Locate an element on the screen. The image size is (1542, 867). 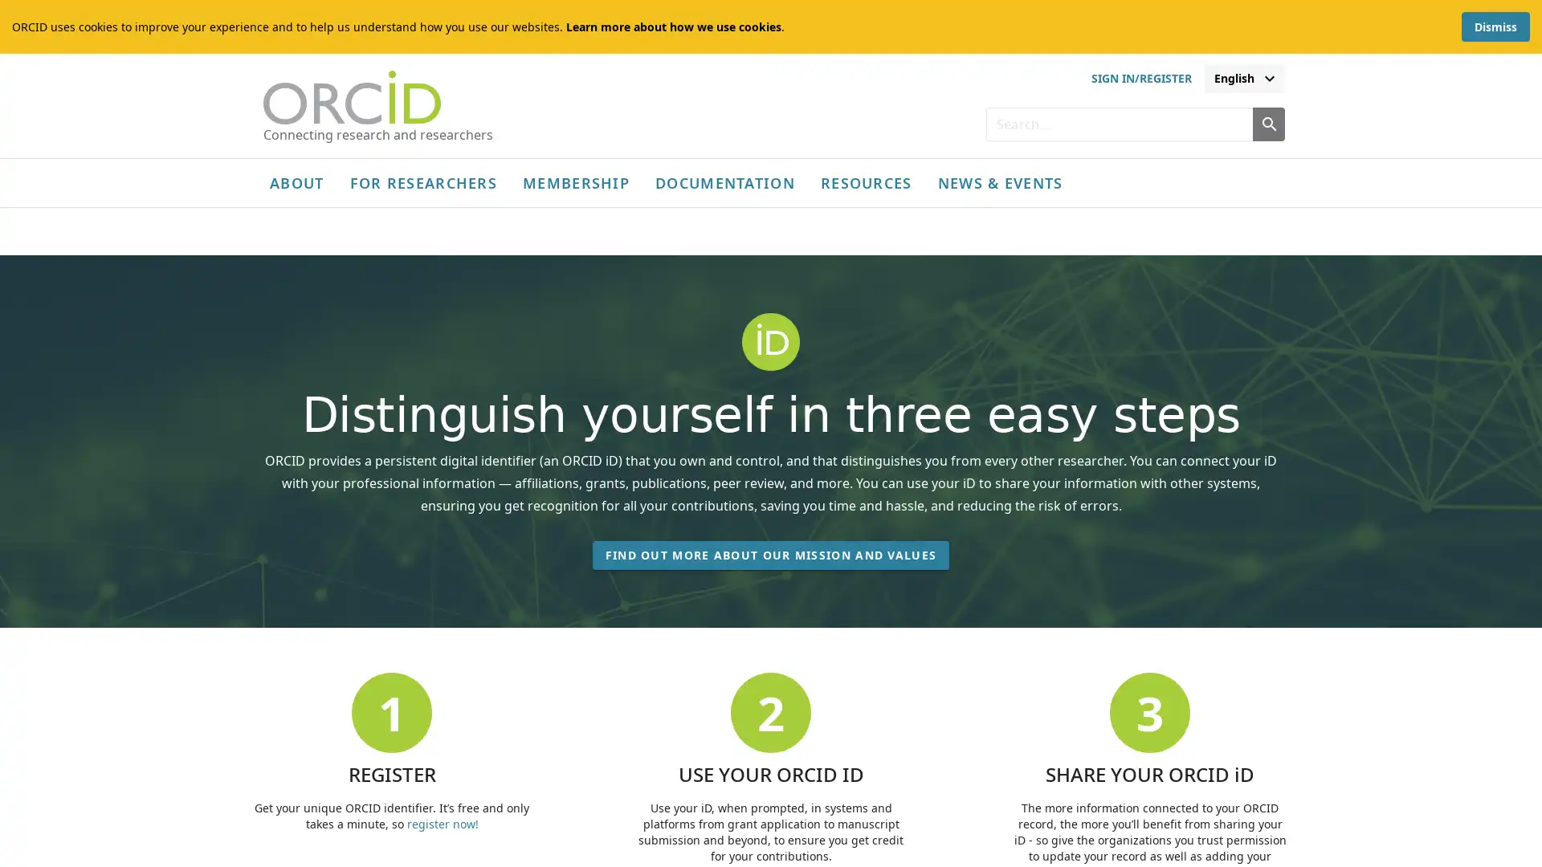
NEWS & EVENTS is located at coordinates (998, 181).